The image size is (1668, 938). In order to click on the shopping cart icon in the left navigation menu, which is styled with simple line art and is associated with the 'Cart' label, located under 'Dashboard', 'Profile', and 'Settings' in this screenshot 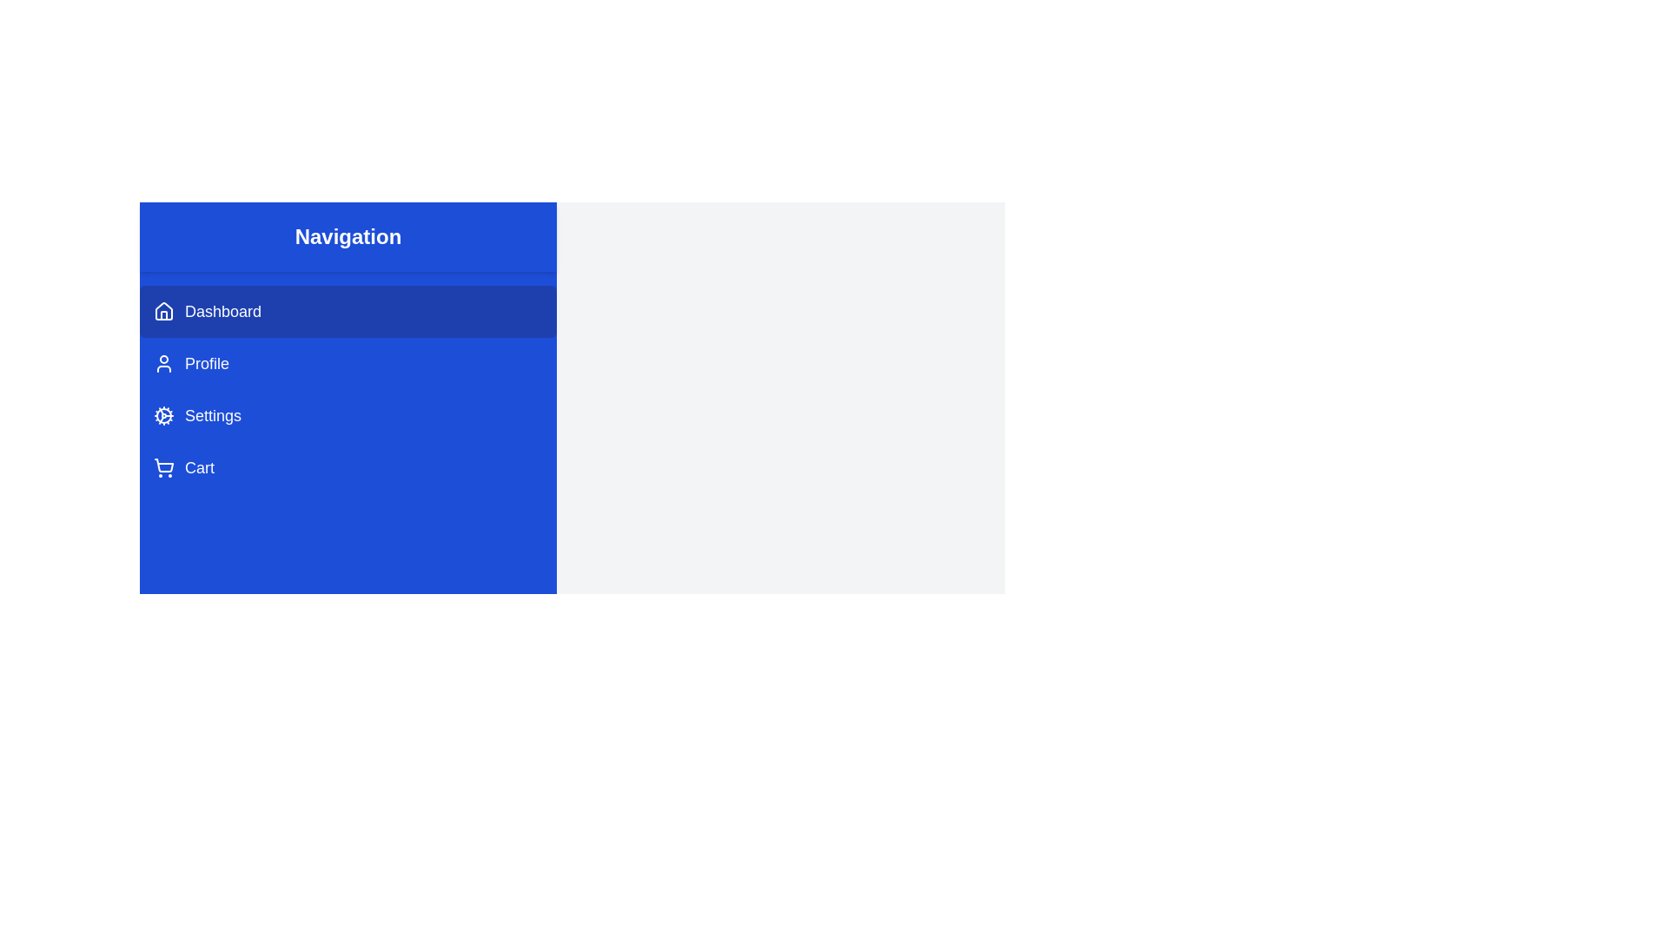, I will do `click(163, 467)`.